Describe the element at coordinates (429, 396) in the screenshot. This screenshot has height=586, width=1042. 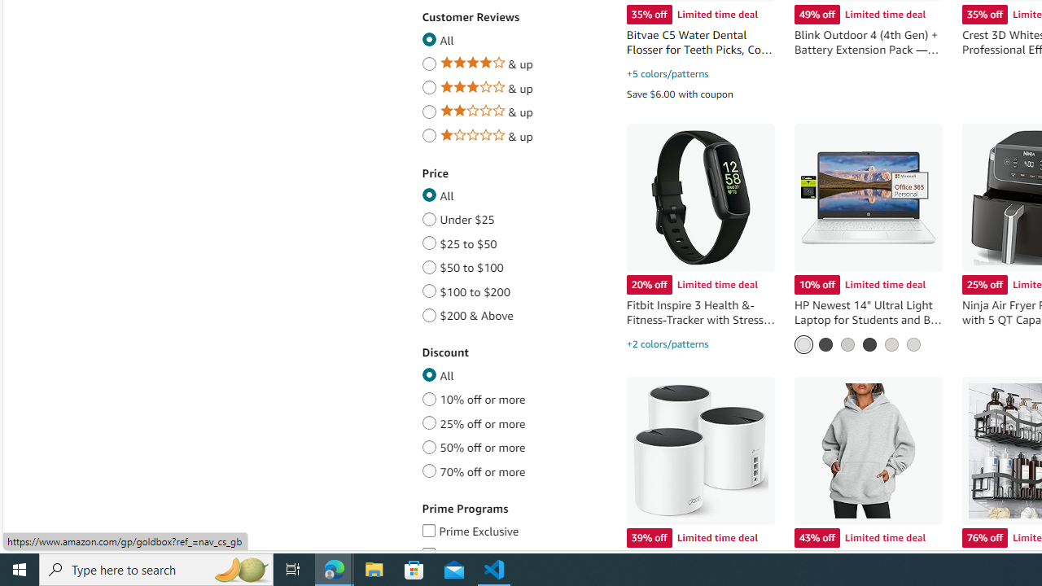
I see `'10% off or more'` at that location.